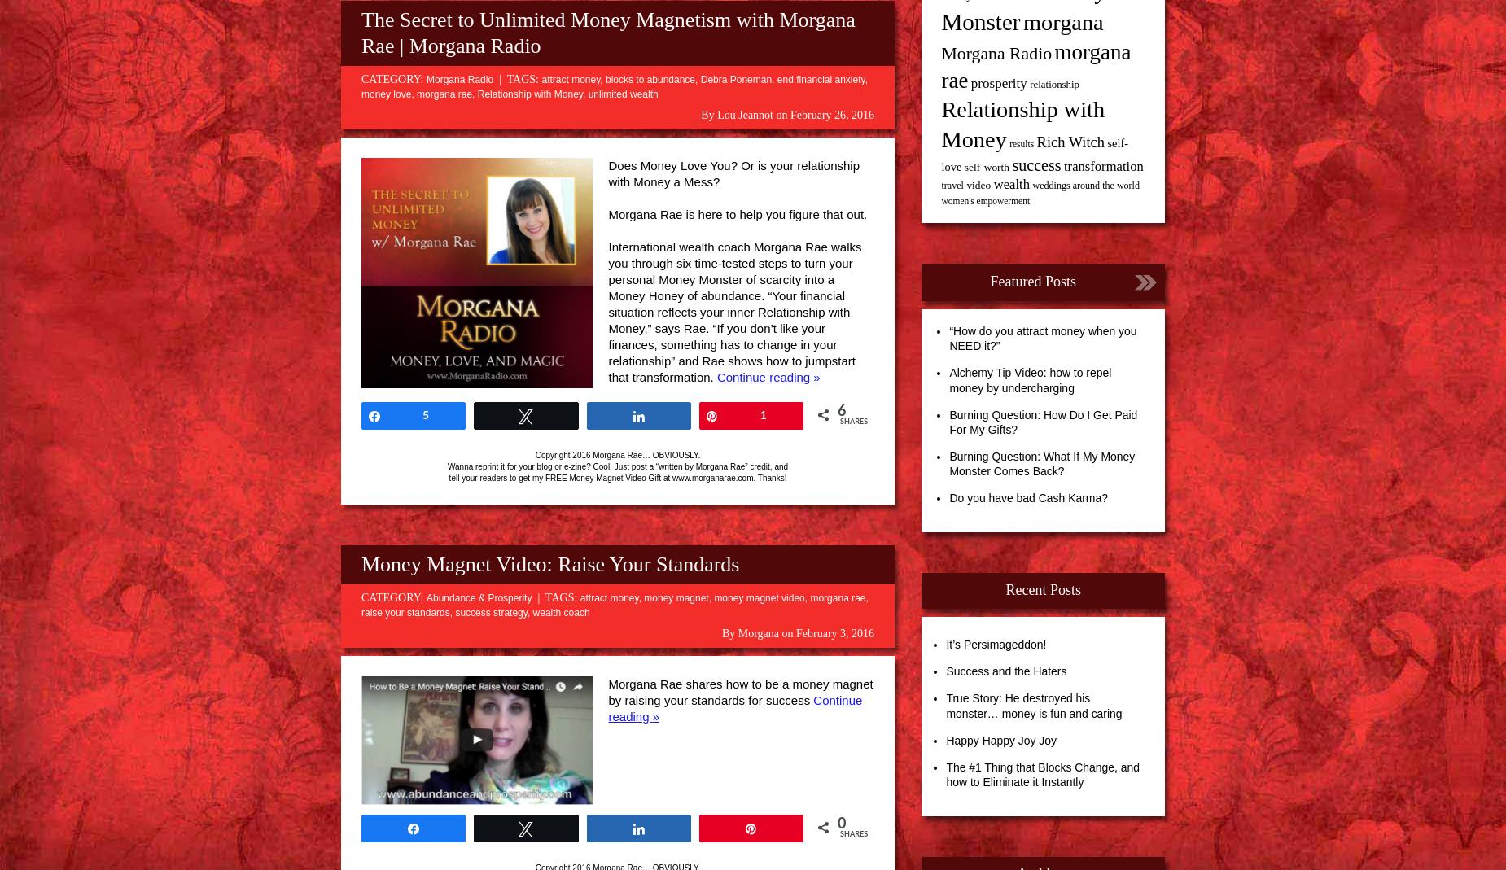  Describe the element at coordinates (1041, 463) in the screenshot. I see `'Burning Question: What If My Money Monster Comes Back?'` at that location.